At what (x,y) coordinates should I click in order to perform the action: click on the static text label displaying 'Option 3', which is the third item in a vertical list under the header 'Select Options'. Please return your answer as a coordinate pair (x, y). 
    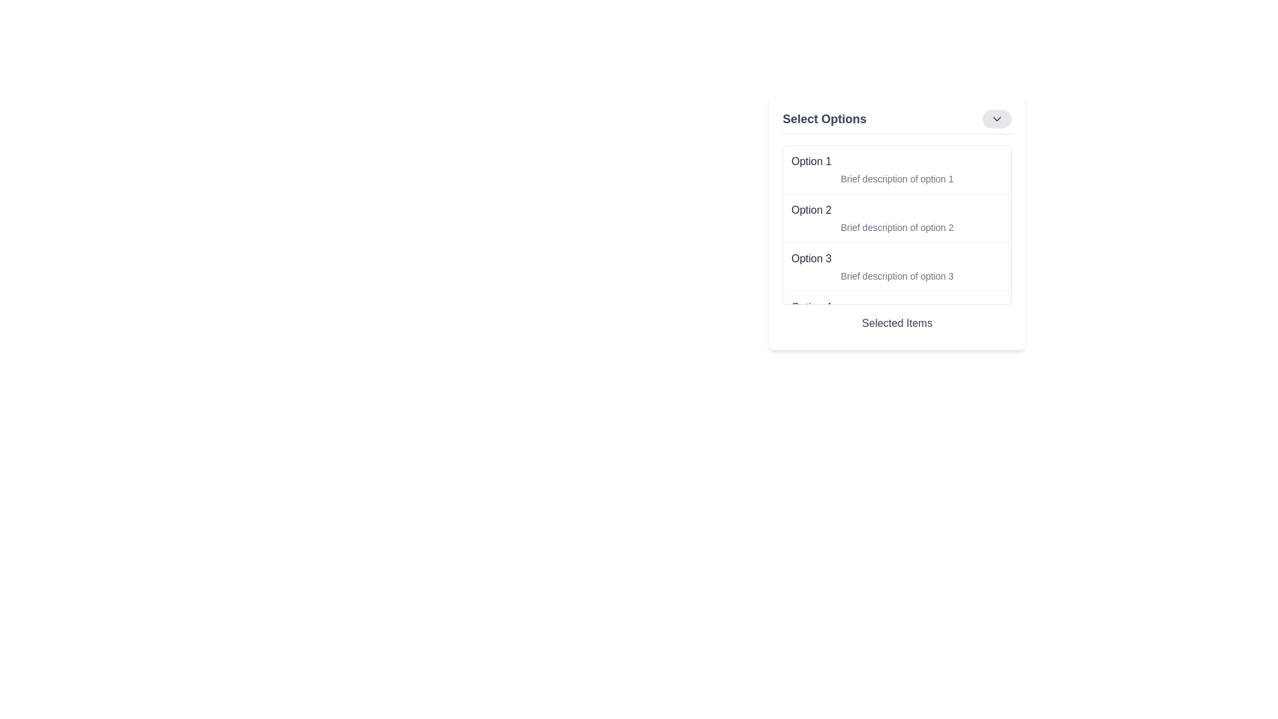
    Looking at the image, I should click on (811, 259).